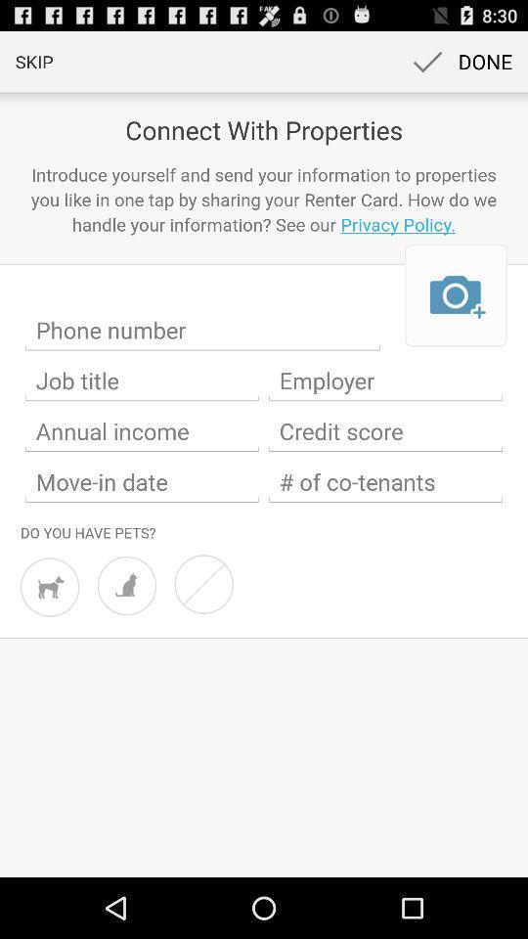 This screenshot has height=939, width=528. I want to click on cat, so click(126, 586).